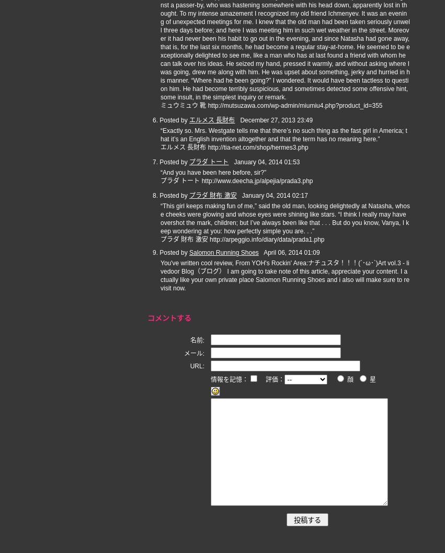 This screenshot has height=553, width=445. I want to click on 'Salomon Running Shoes', so click(223, 253).